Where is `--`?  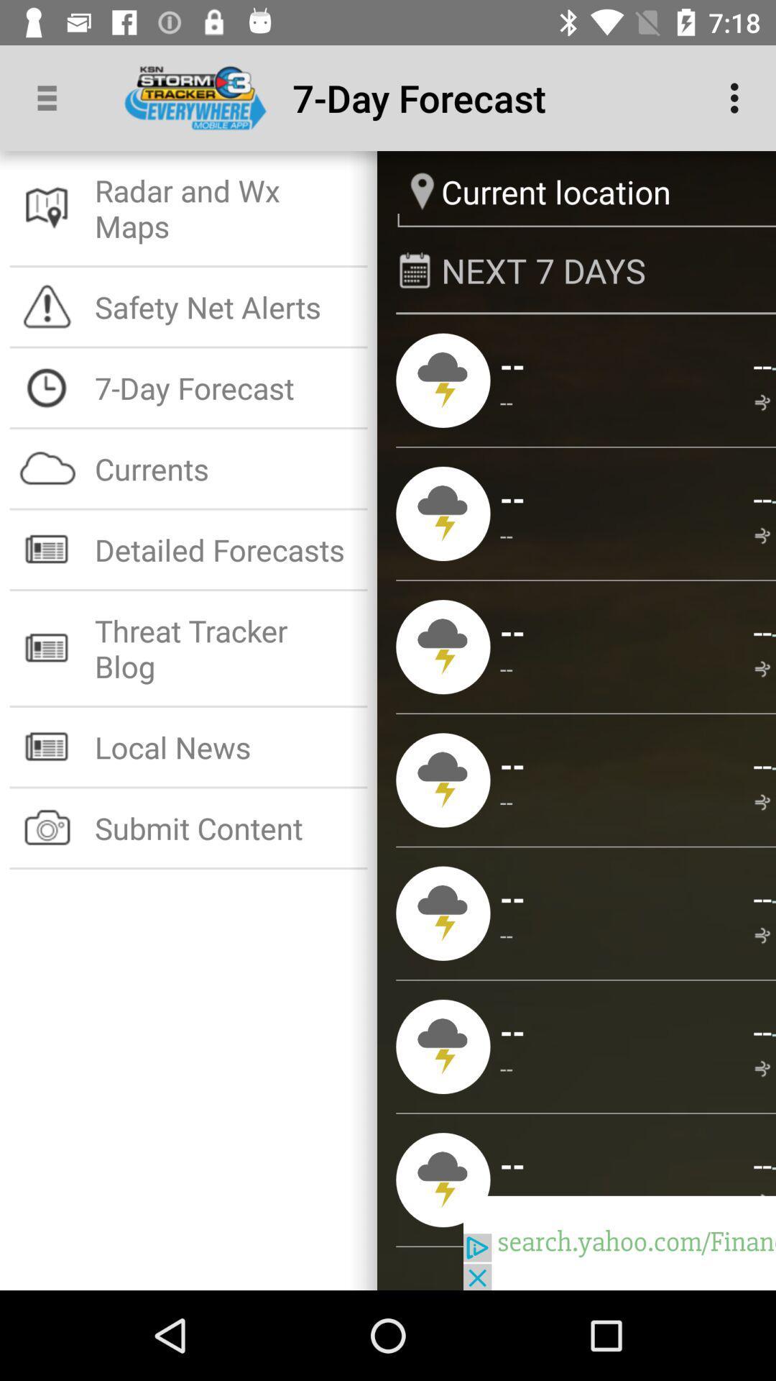
-- is located at coordinates (506, 801).